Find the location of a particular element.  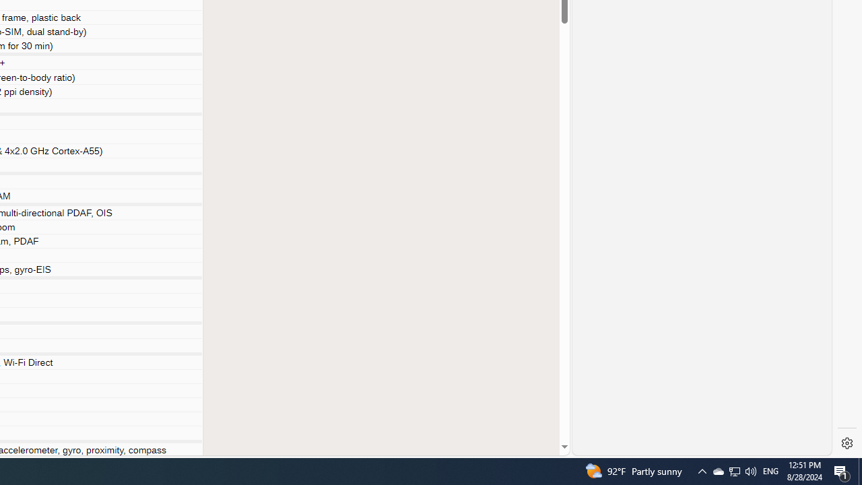

'Settings' is located at coordinates (847, 443).